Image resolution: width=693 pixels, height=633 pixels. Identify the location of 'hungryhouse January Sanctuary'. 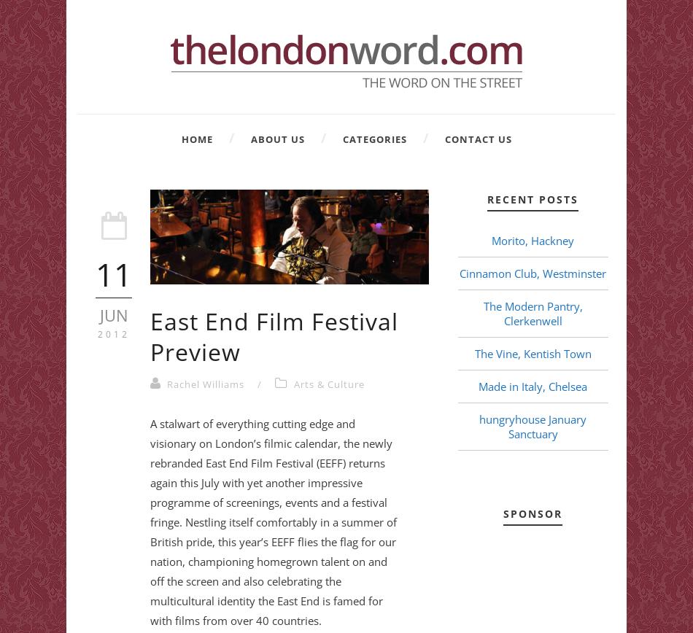
(532, 427).